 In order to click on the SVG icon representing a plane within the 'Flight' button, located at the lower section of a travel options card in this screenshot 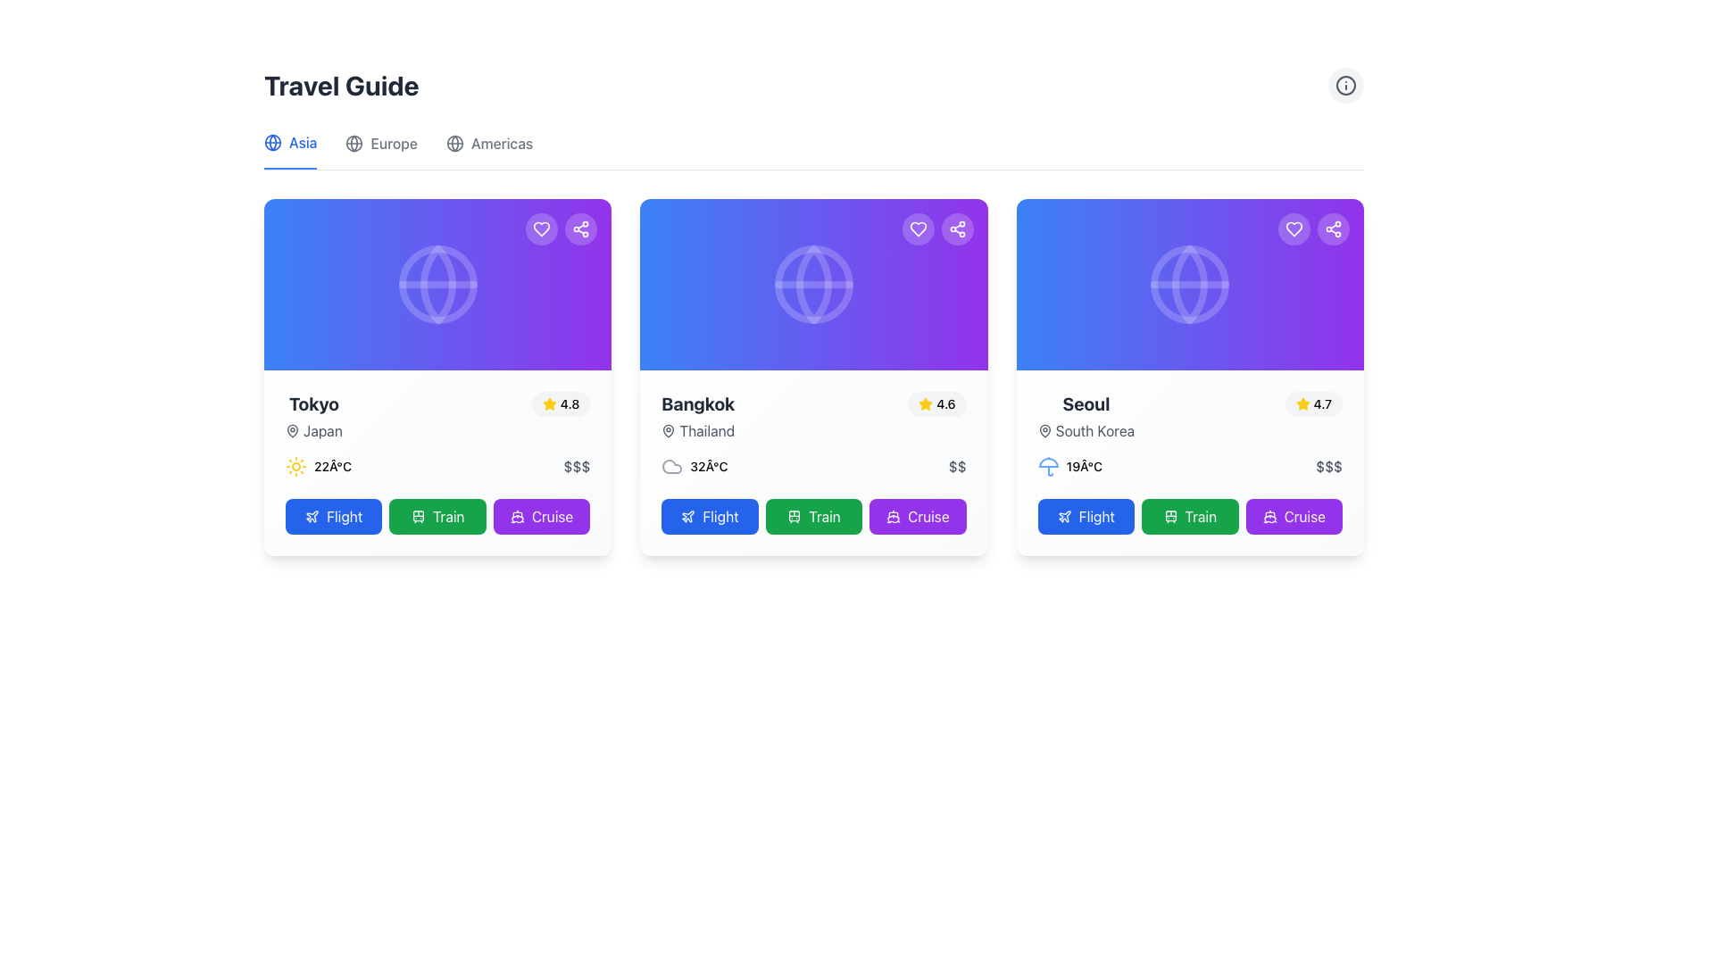, I will do `click(1064, 516)`.